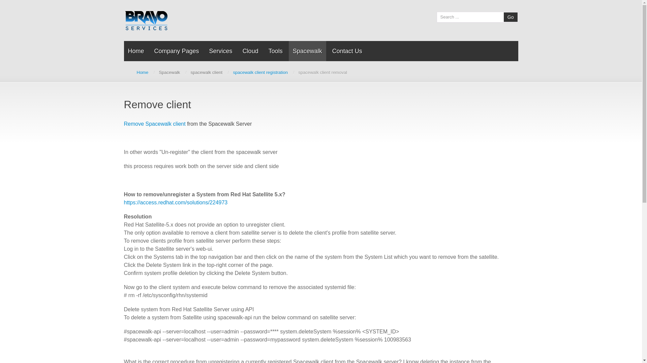 The image size is (647, 363). Describe the element at coordinates (177, 50) in the screenshot. I see `'Company Pages'` at that location.